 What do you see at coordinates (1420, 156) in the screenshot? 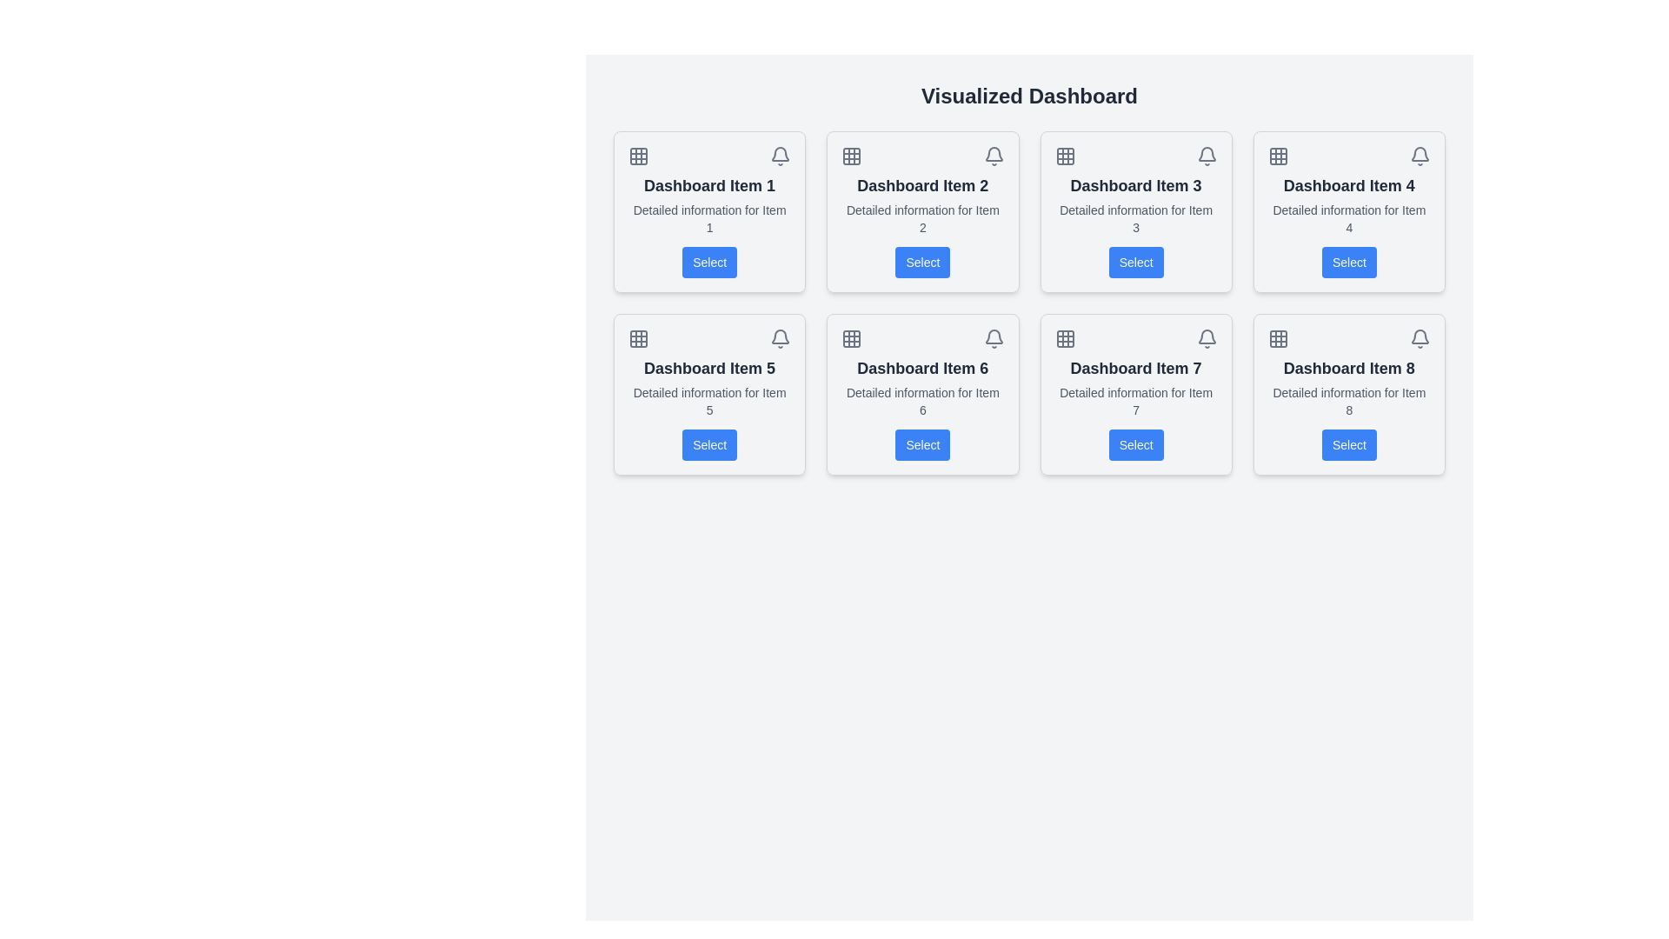
I see `the bell icon located in the upper-right corner of the card labeled 'Dashboard Item 4' to interact with it` at bounding box center [1420, 156].